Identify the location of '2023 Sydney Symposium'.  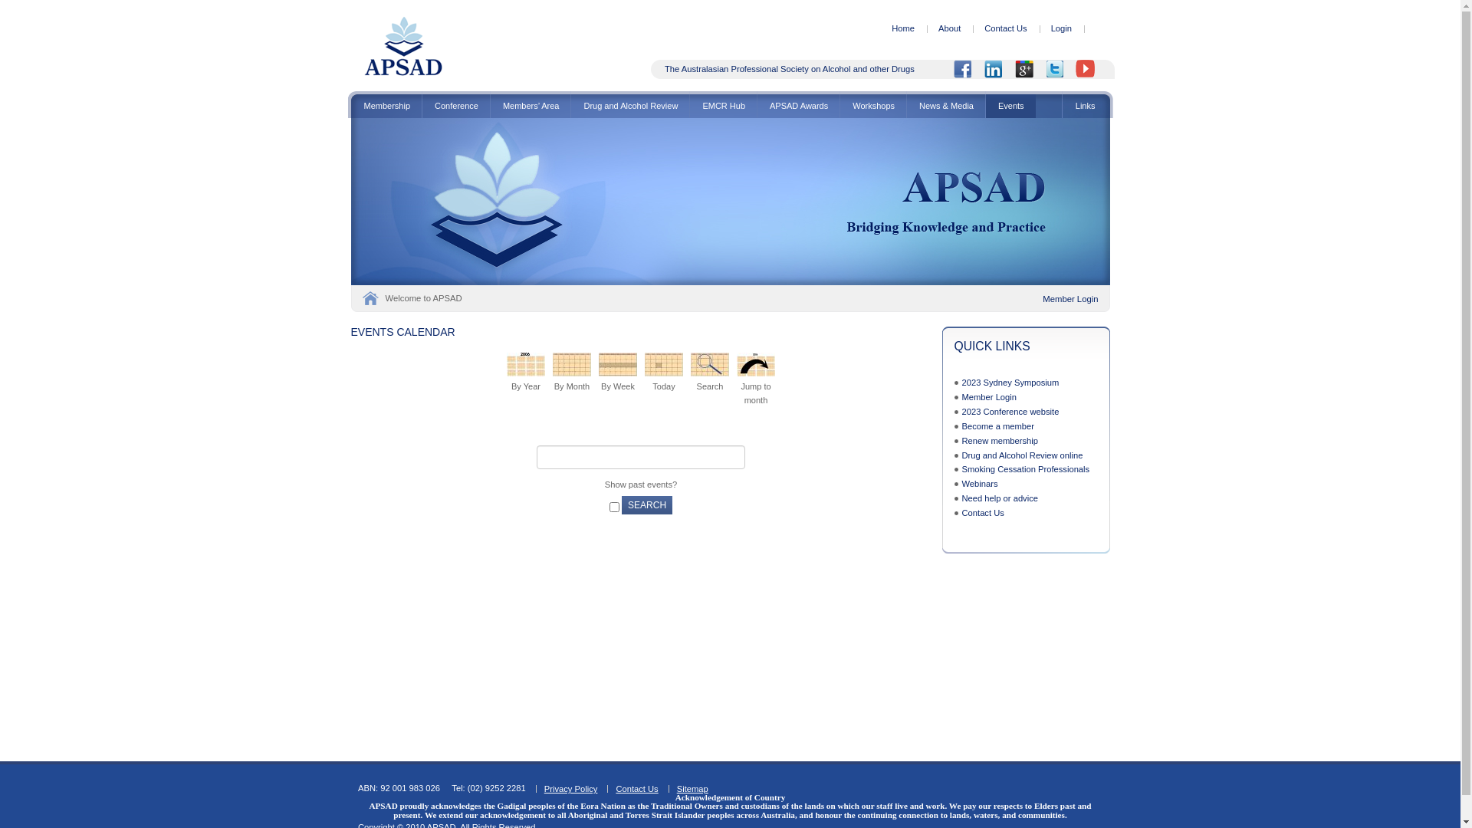
(1010, 381).